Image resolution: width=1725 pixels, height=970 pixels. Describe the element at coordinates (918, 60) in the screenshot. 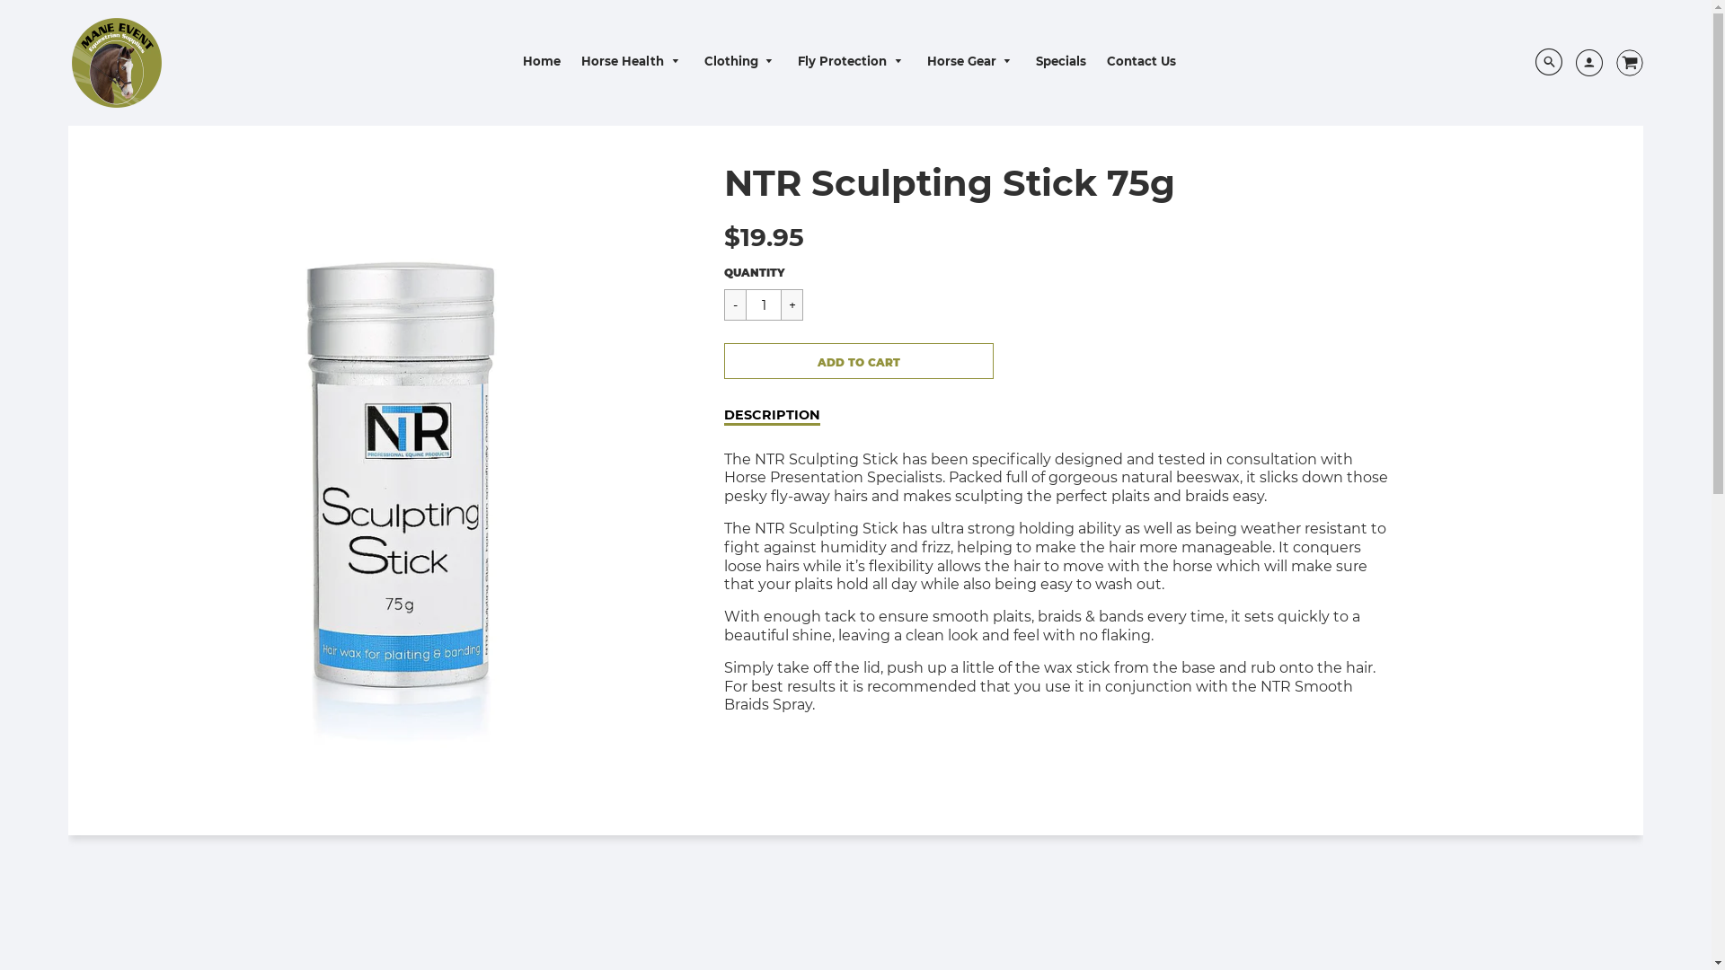

I see `'Horse Gear'` at that location.